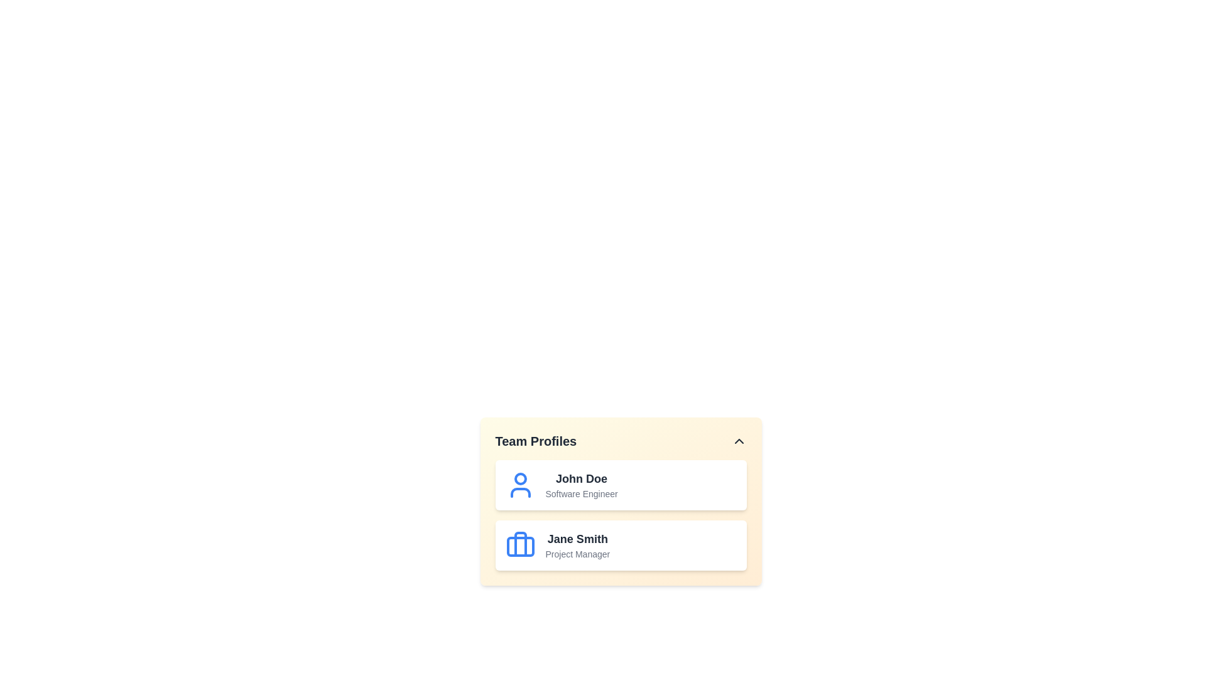 The image size is (1206, 678). What do you see at coordinates (520, 492) in the screenshot?
I see `the lower half of the human figure vector graphic, which is part of the icon next to 'John Doe'` at bounding box center [520, 492].